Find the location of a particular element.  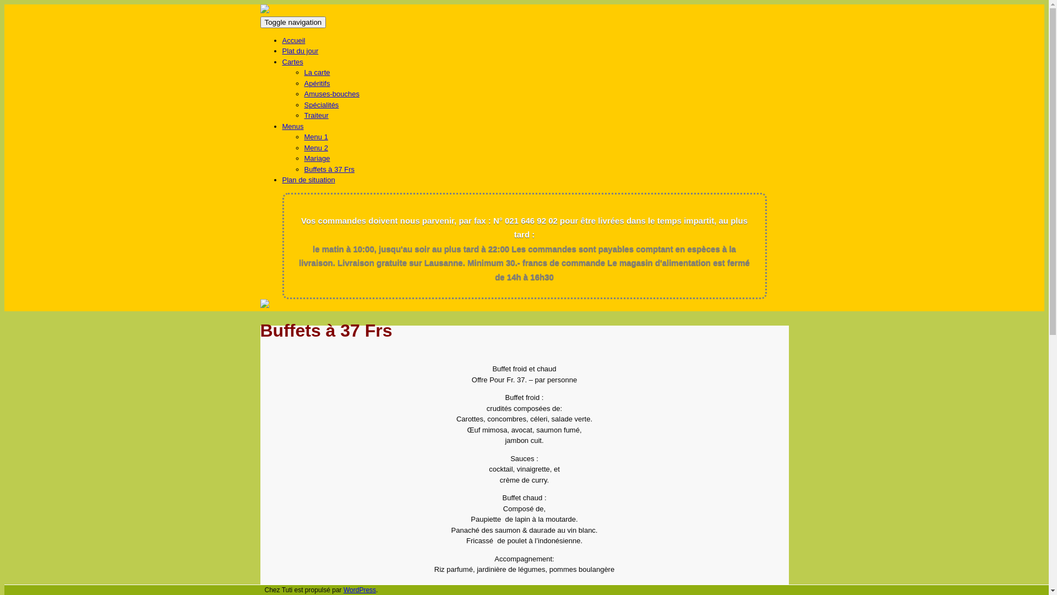

'Menu 2' is located at coordinates (315, 147).